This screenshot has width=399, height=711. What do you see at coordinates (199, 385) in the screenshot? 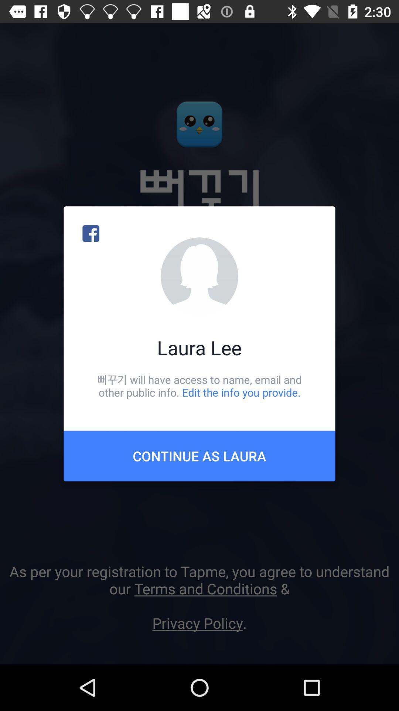
I see `the item below laura lee icon` at bounding box center [199, 385].